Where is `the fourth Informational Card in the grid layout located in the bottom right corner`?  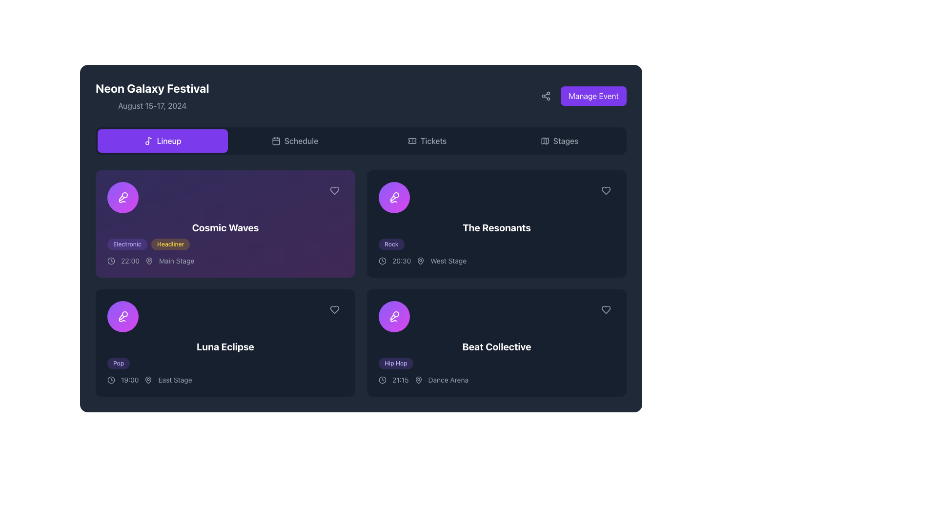 the fourth Informational Card in the grid layout located in the bottom right corner is located at coordinates (496, 342).